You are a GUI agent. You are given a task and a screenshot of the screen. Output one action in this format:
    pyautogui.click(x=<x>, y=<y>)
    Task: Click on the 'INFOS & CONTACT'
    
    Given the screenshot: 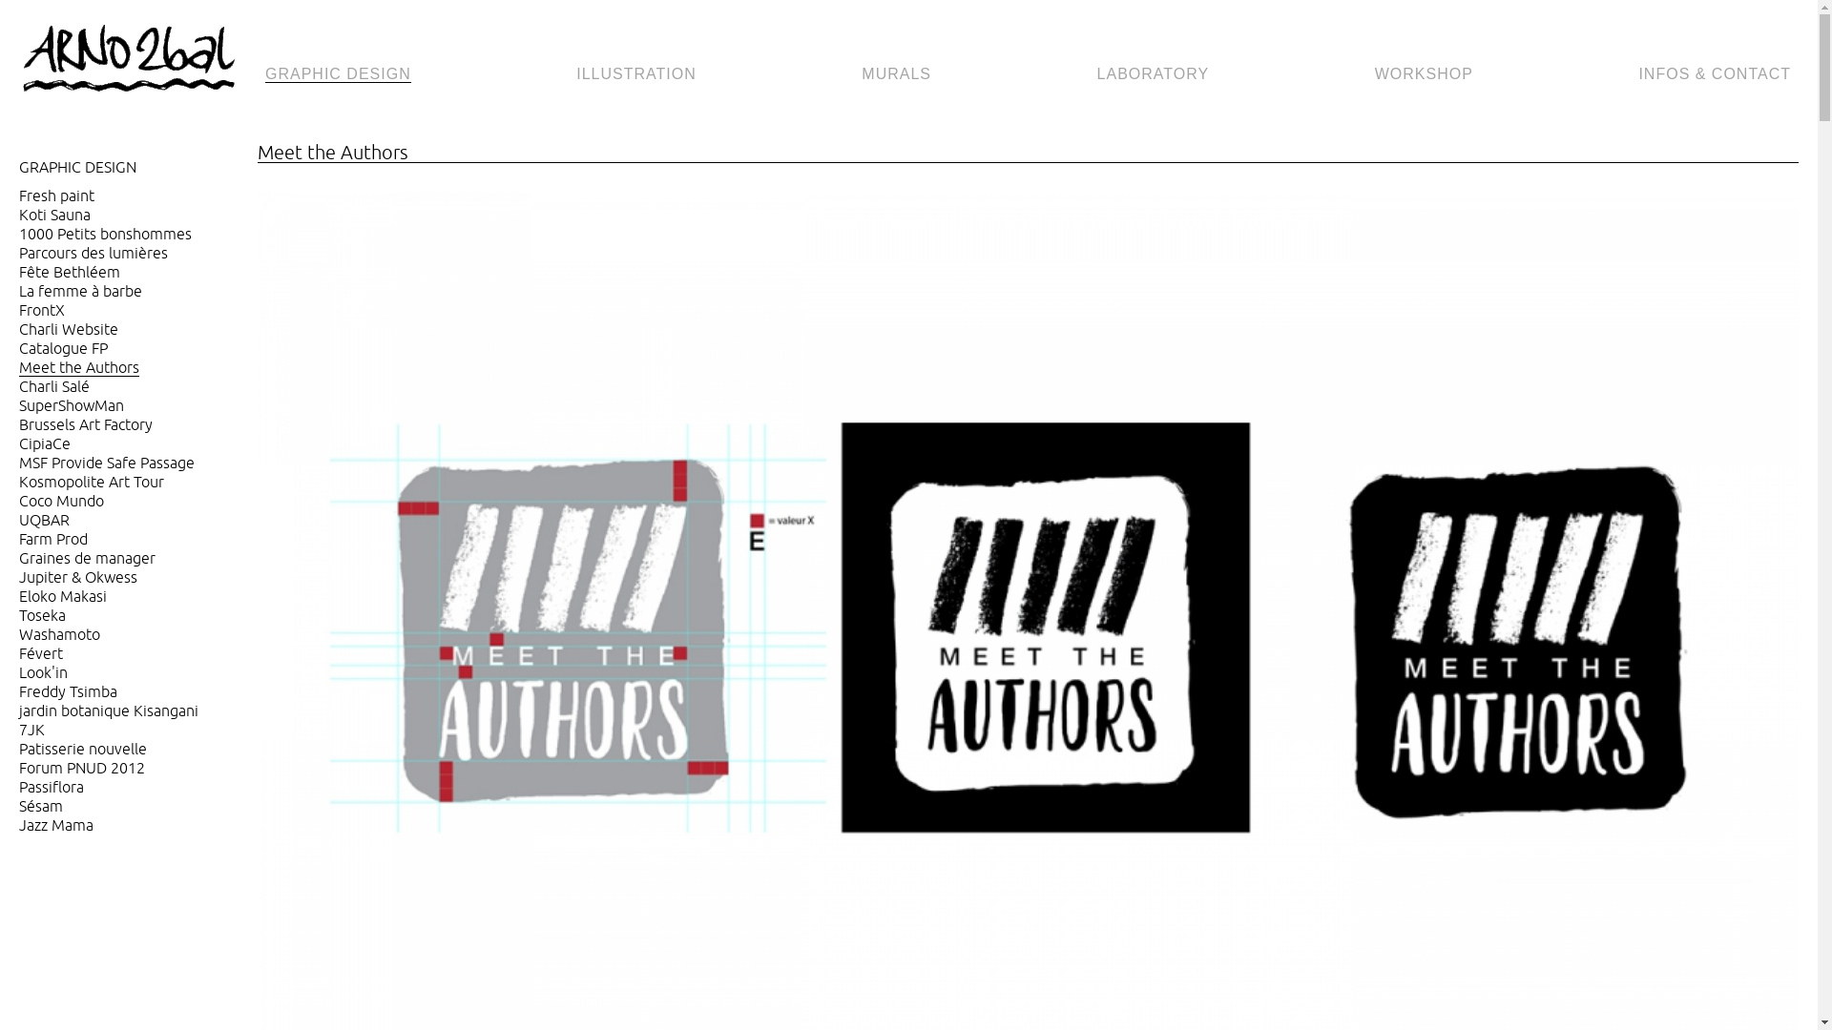 What is the action you would take?
    pyautogui.click(x=1714, y=73)
    